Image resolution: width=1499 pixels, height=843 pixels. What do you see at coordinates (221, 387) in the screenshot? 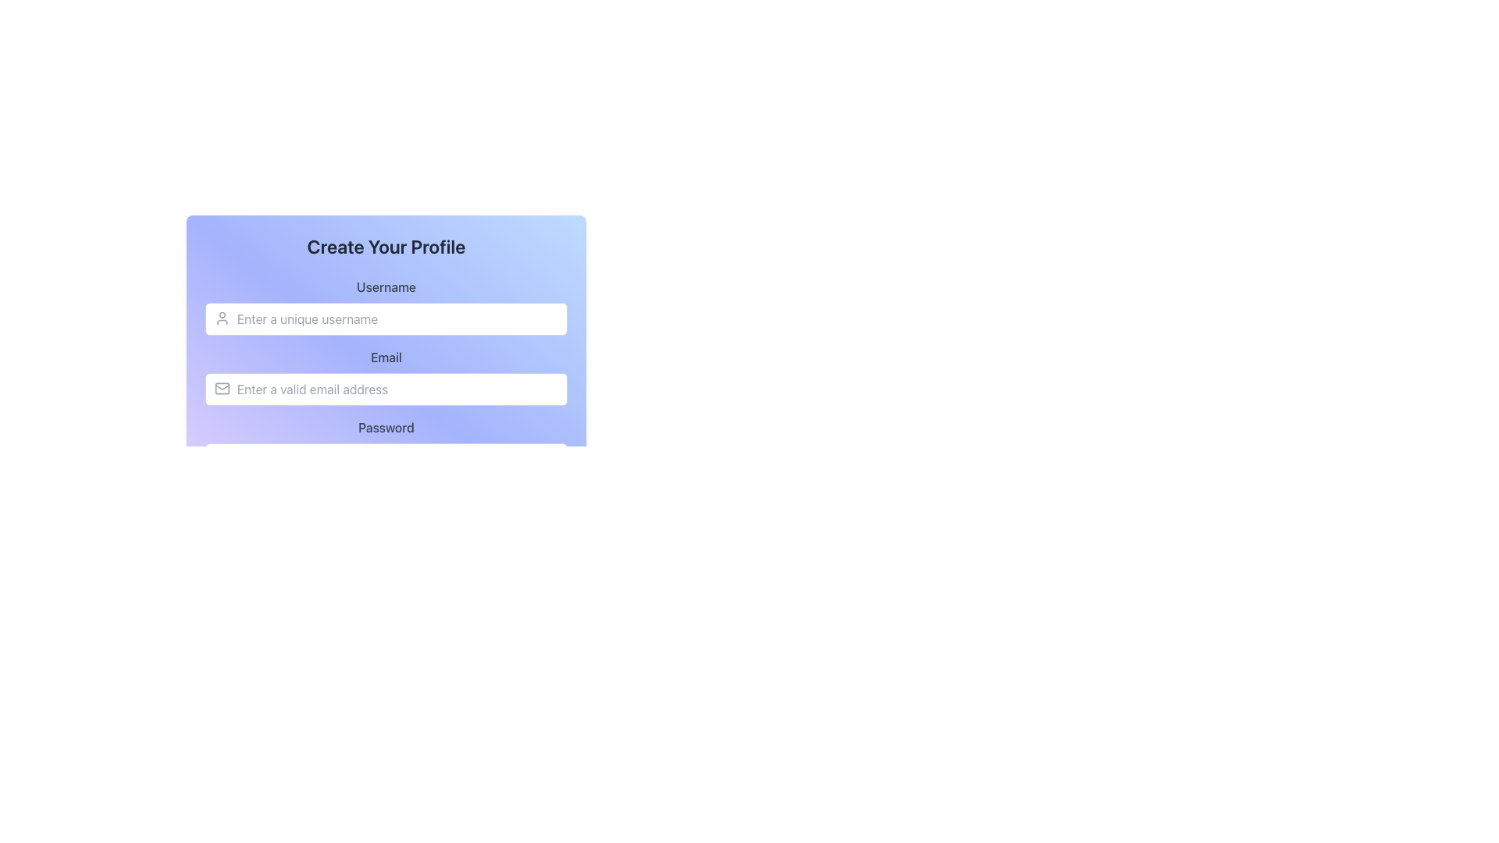
I see `the envelope icon, which is a simplified outline style resembling a classic mail envelope, located to the left of the email input field with the placeholder text 'Enter a valid email address'` at bounding box center [221, 387].